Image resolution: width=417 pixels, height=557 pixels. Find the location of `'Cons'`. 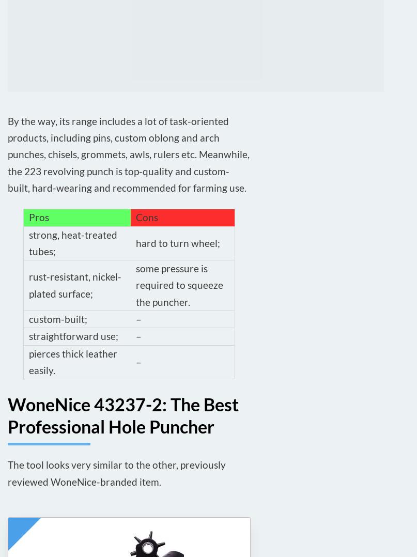

'Cons' is located at coordinates (146, 216).